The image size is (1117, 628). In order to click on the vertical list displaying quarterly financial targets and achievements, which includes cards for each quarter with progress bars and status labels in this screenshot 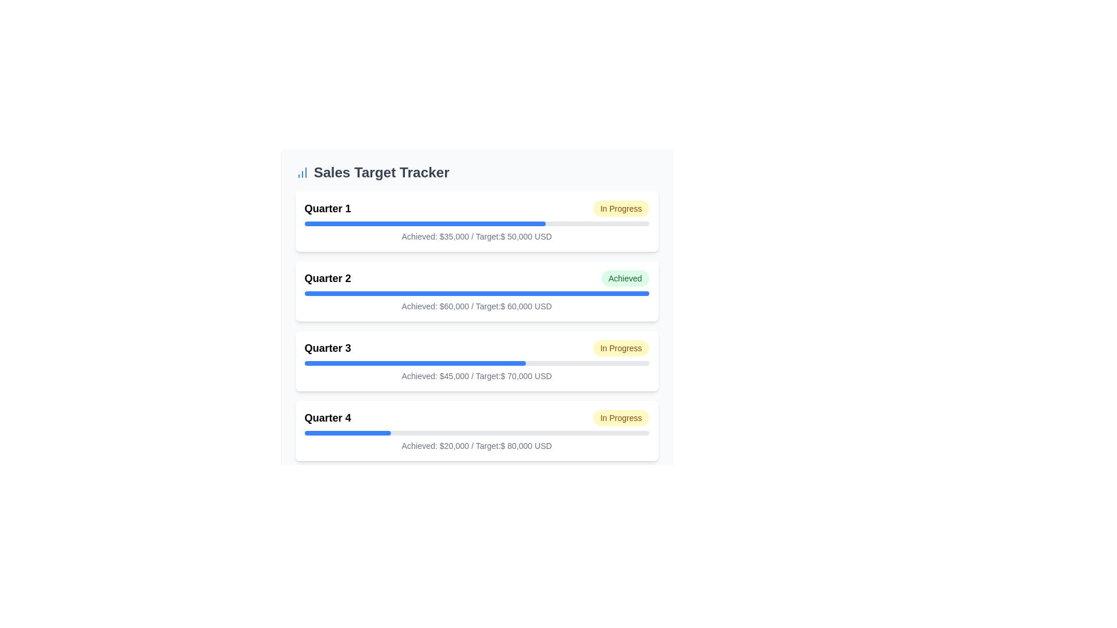, I will do `click(476, 326)`.